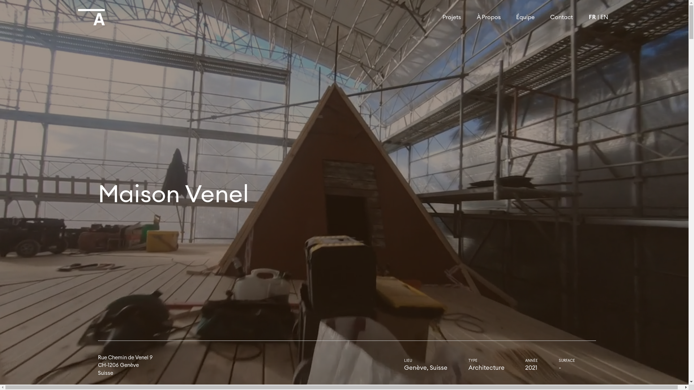 The image size is (694, 390). What do you see at coordinates (581, 17) in the screenshot?
I see `'FR | EN'` at bounding box center [581, 17].